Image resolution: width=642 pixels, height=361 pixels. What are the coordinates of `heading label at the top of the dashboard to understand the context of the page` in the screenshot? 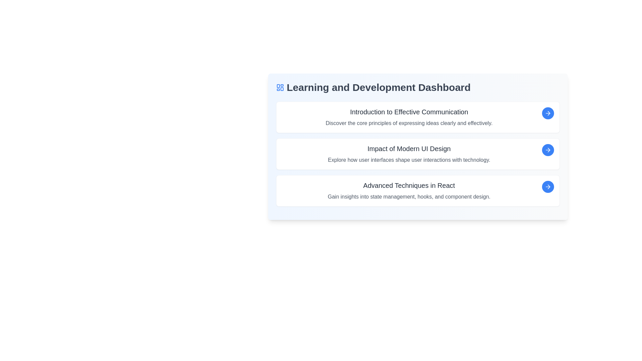 It's located at (417, 87).